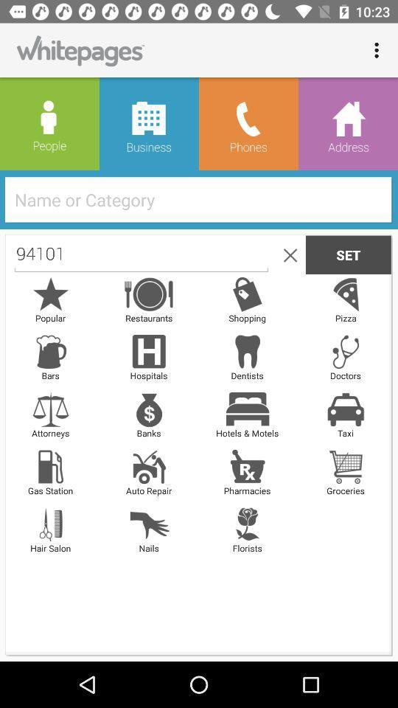  What do you see at coordinates (287, 254) in the screenshot?
I see `the item next to 94101` at bounding box center [287, 254].